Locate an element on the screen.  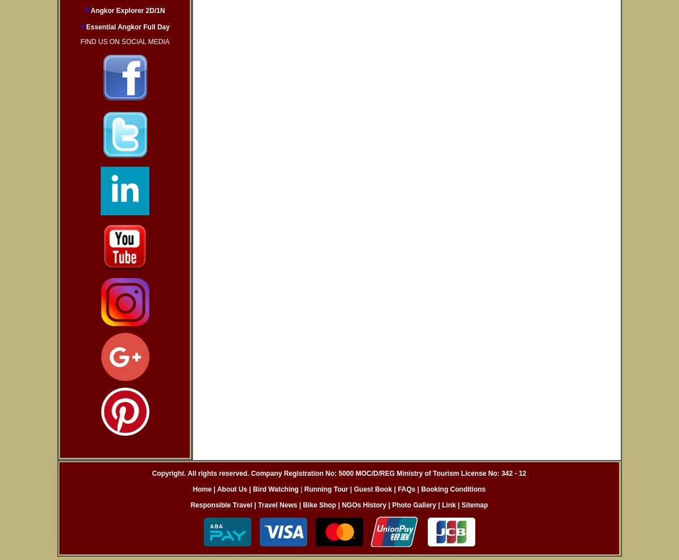
'Photo Gallery' is located at coordinates (414, 505).